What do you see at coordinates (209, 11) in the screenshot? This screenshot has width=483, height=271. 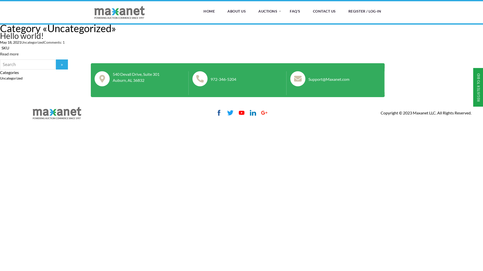 I see `'HOME'` at bounding box center [209, 11].